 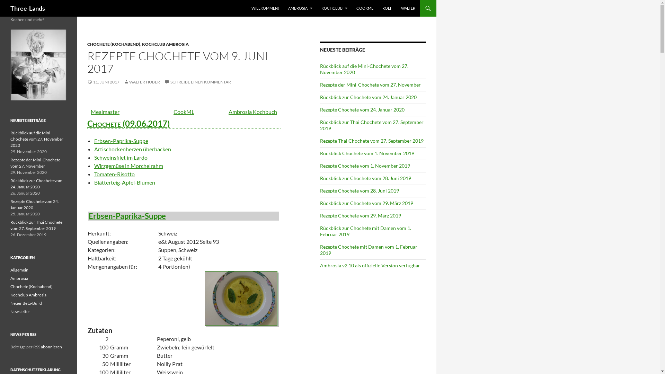 I want to click on 'Ambrosia Kochbuch', so click(x=252, y=111).